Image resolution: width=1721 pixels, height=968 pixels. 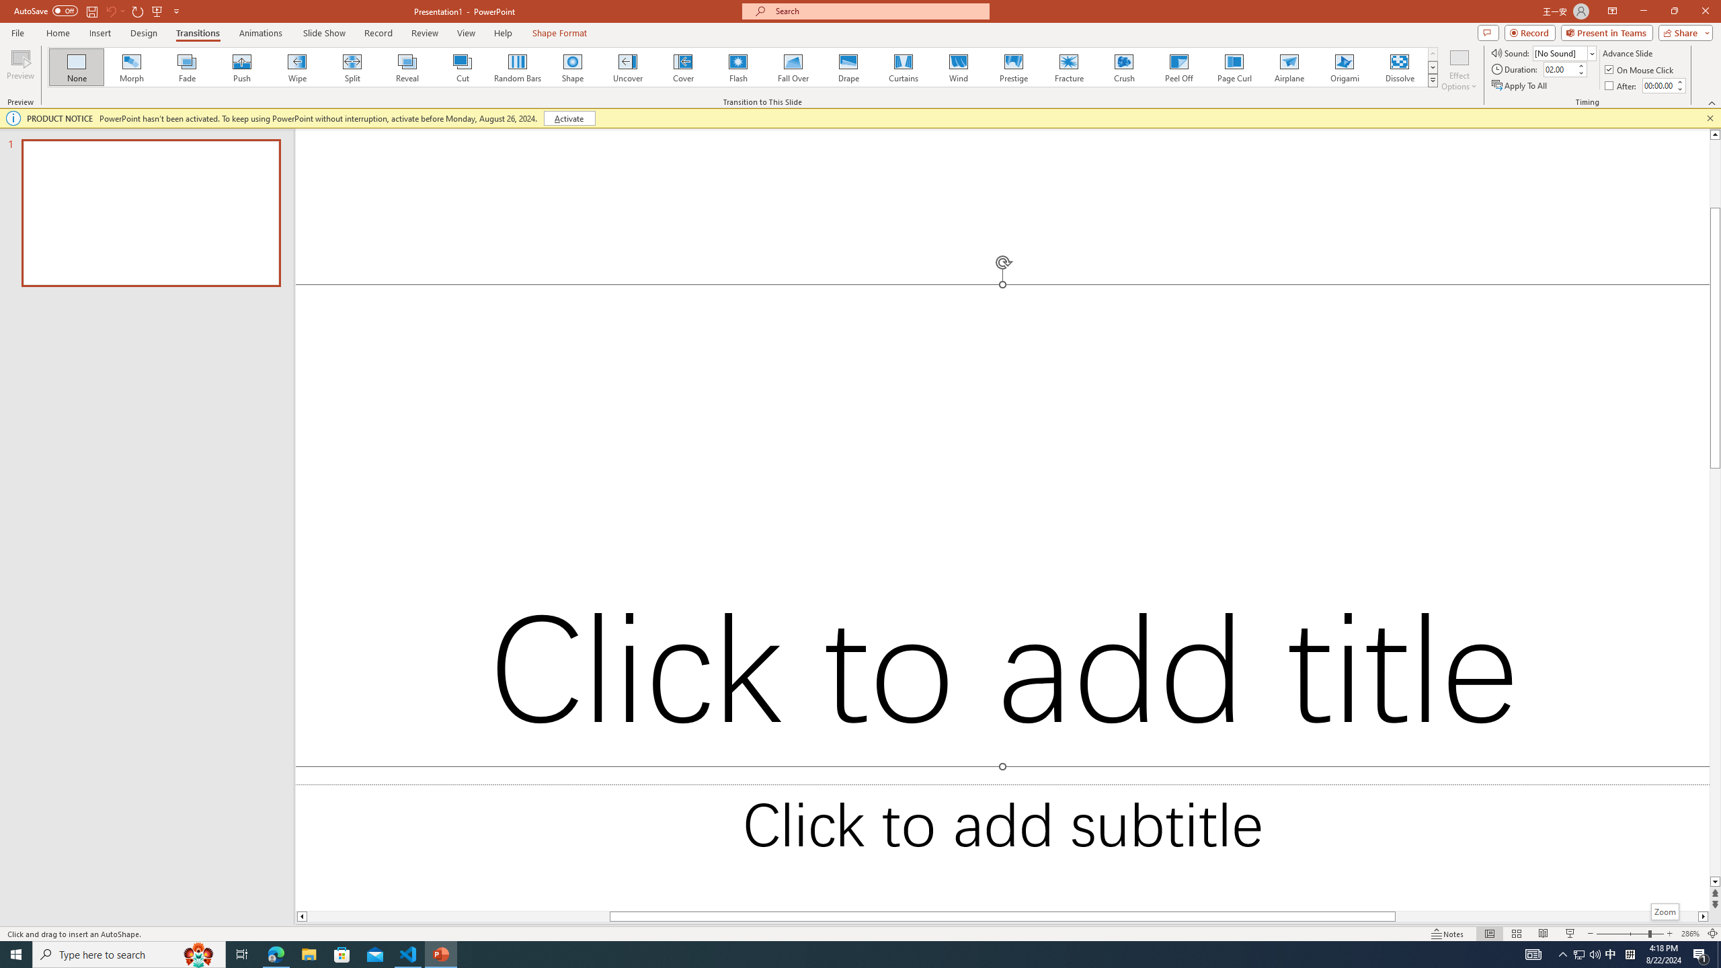 What do you see at coordinates (957, 67) in the screenshot?
I see `'Wind'` at bounding box center [957, 67].